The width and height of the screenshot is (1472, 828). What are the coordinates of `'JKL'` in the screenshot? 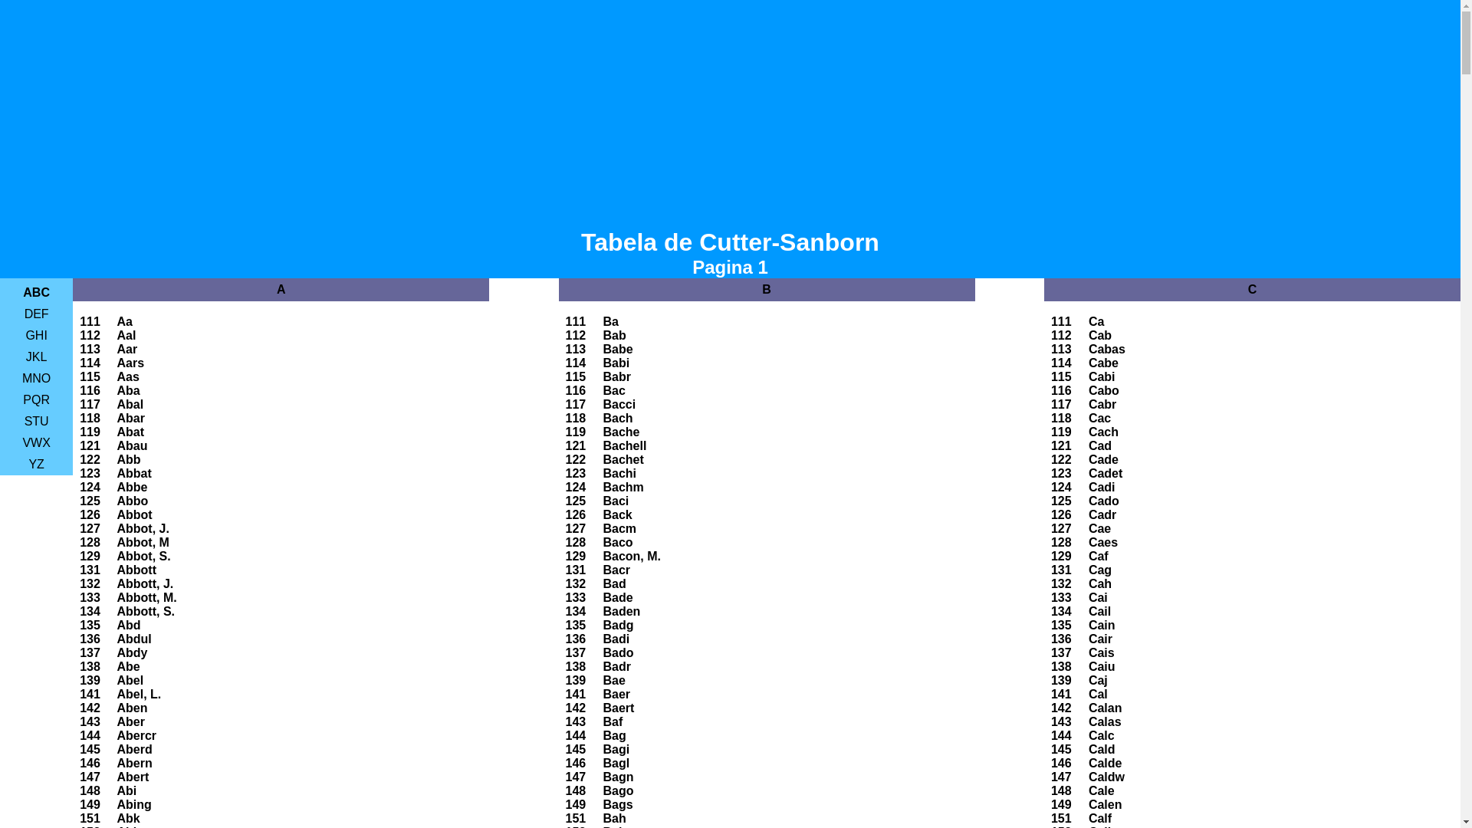 It's located at (37, 356).